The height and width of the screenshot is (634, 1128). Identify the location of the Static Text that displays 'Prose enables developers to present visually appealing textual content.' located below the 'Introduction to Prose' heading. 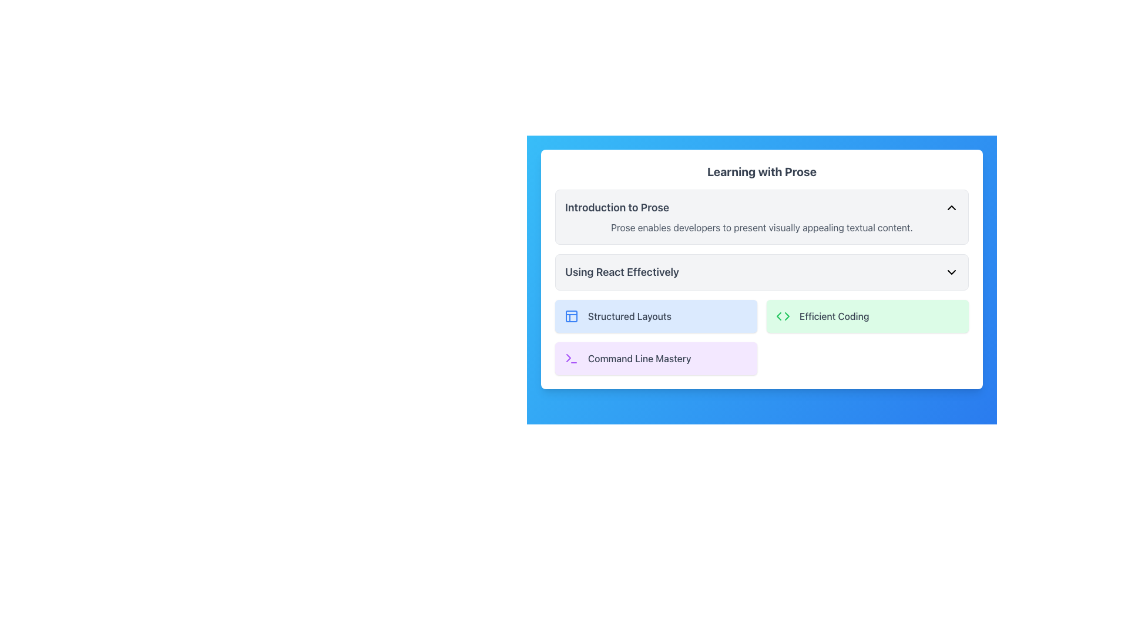
(761, 228).